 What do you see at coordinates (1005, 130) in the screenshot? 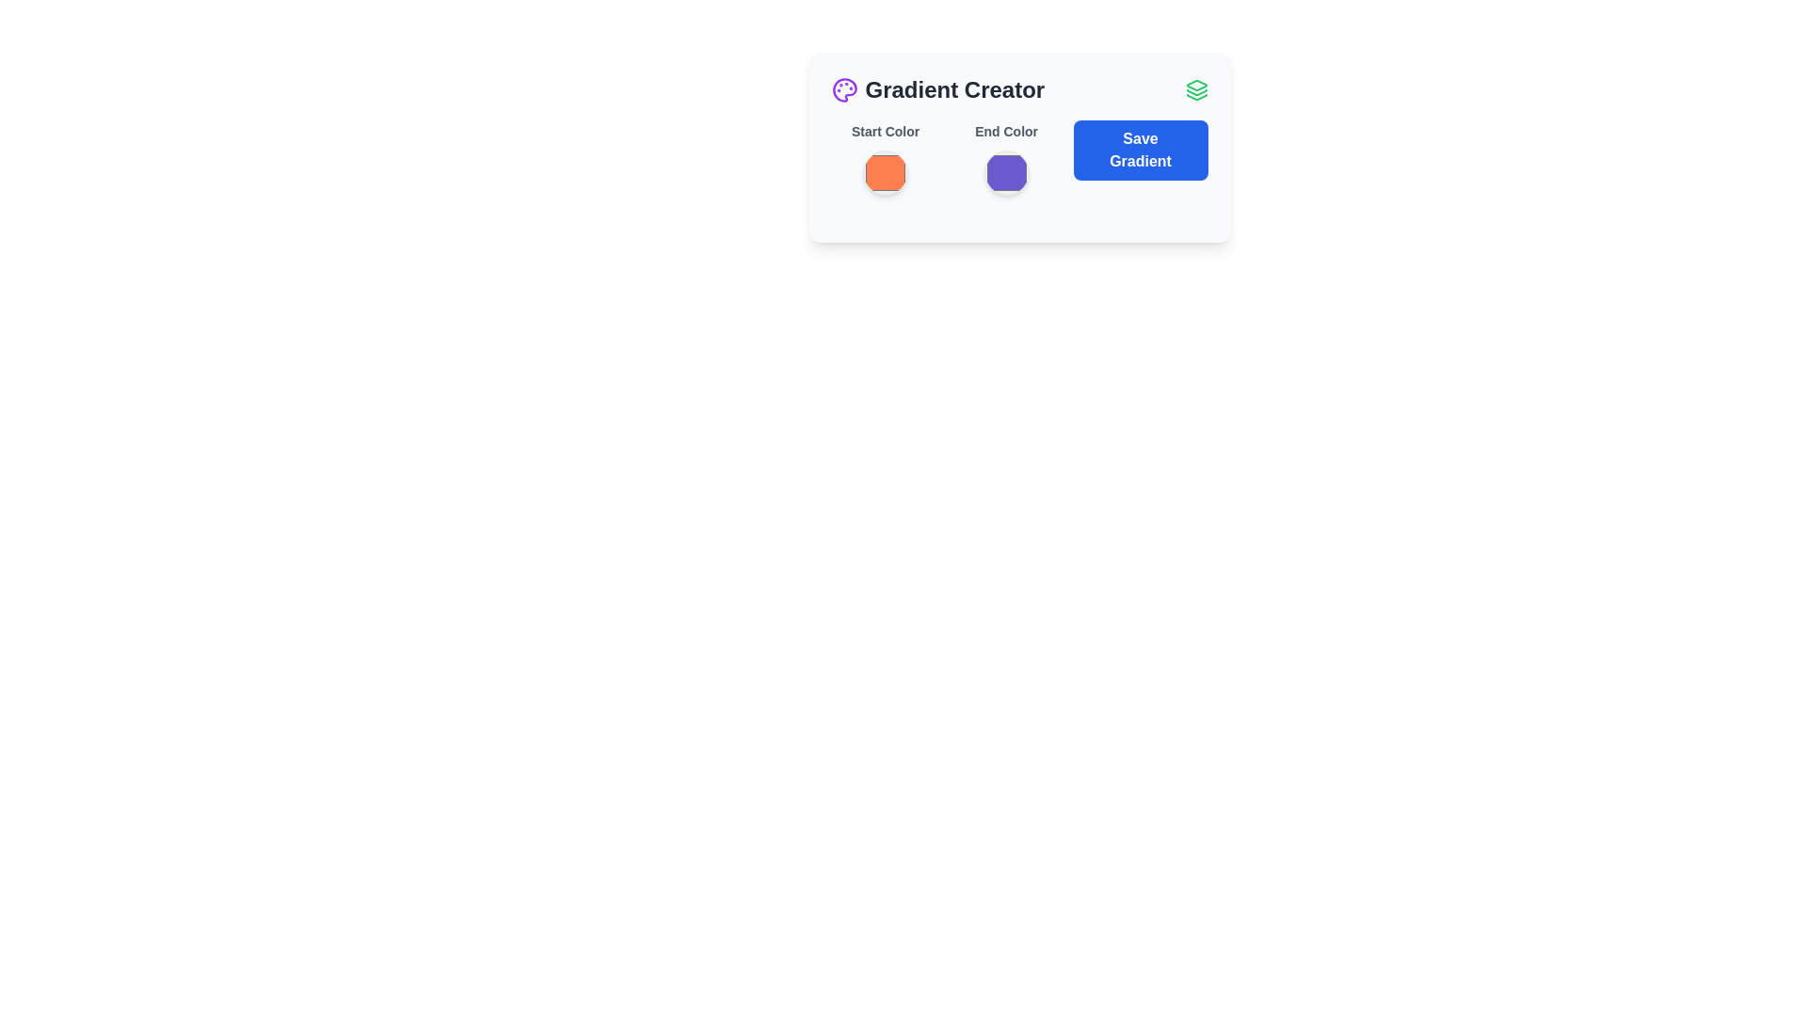
I see `the 'End Color' text label, which signifies the function of the associated color selector below it in the gradient creation tool` at bounding box center [1005, 130].